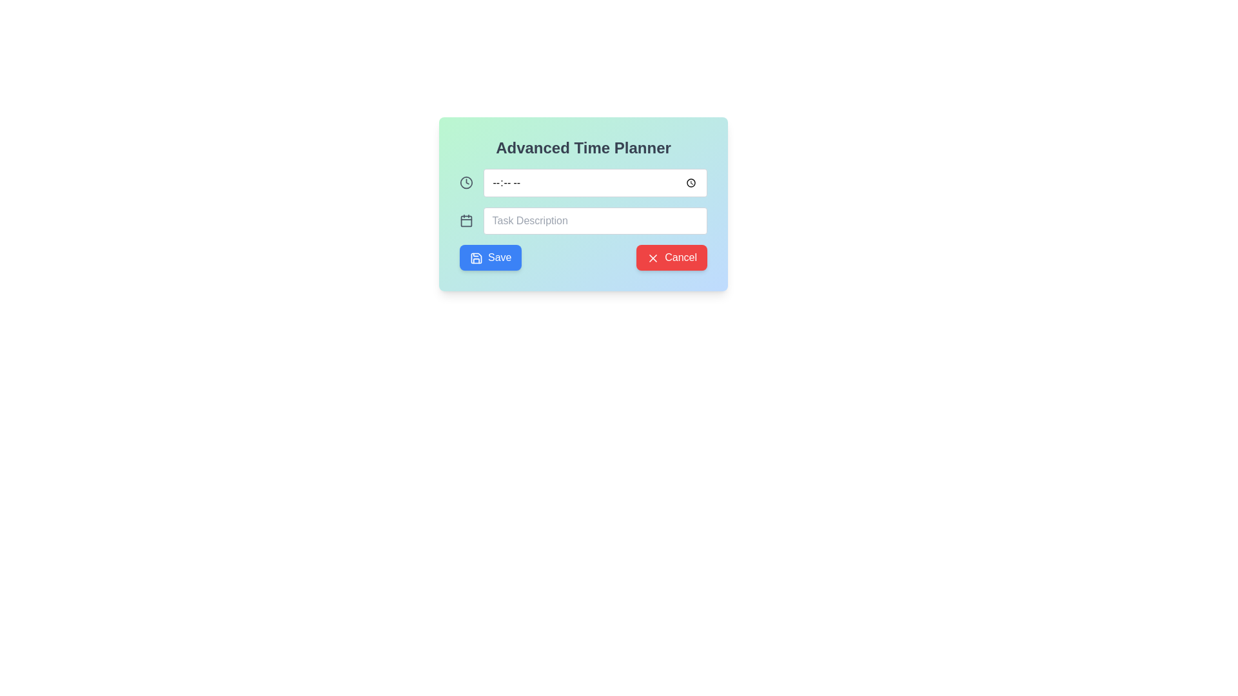 This screenshot has width=1238, height=696. What do you see at coordinates (476, 258) in the screenshot?
I see `the 'Save' button which contains an icon resembling a floppy disk on its left side` at bounding box center [476, 258].